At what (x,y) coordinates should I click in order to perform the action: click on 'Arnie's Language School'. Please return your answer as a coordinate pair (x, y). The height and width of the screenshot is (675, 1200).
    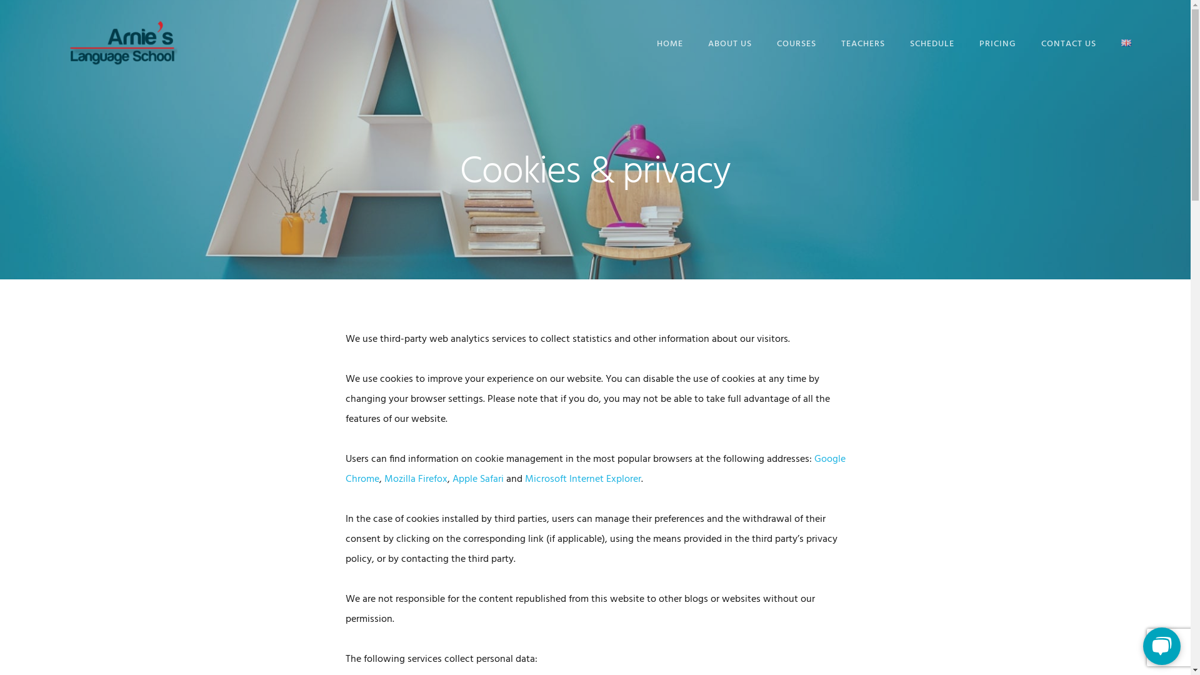
    Looking at the image, I should click on (122, 41).